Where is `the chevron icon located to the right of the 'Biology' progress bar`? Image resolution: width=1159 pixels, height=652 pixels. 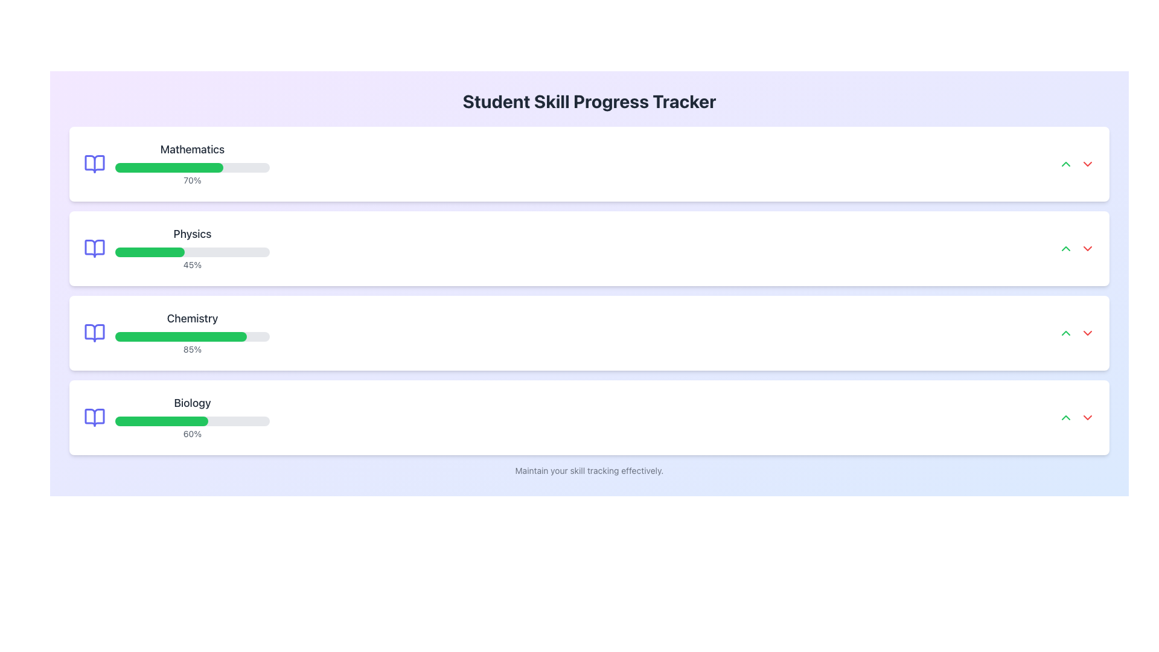
the chevron icon located to the right of the 'Biology' progress bar is located at coordinates (1087, 417).